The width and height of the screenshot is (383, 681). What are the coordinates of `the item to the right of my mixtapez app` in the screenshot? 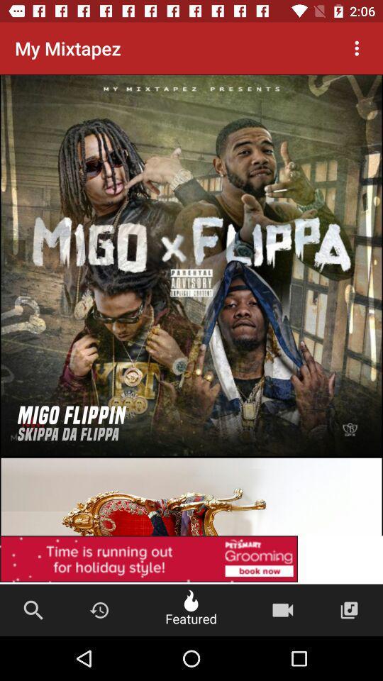 It's located at (356, 48).